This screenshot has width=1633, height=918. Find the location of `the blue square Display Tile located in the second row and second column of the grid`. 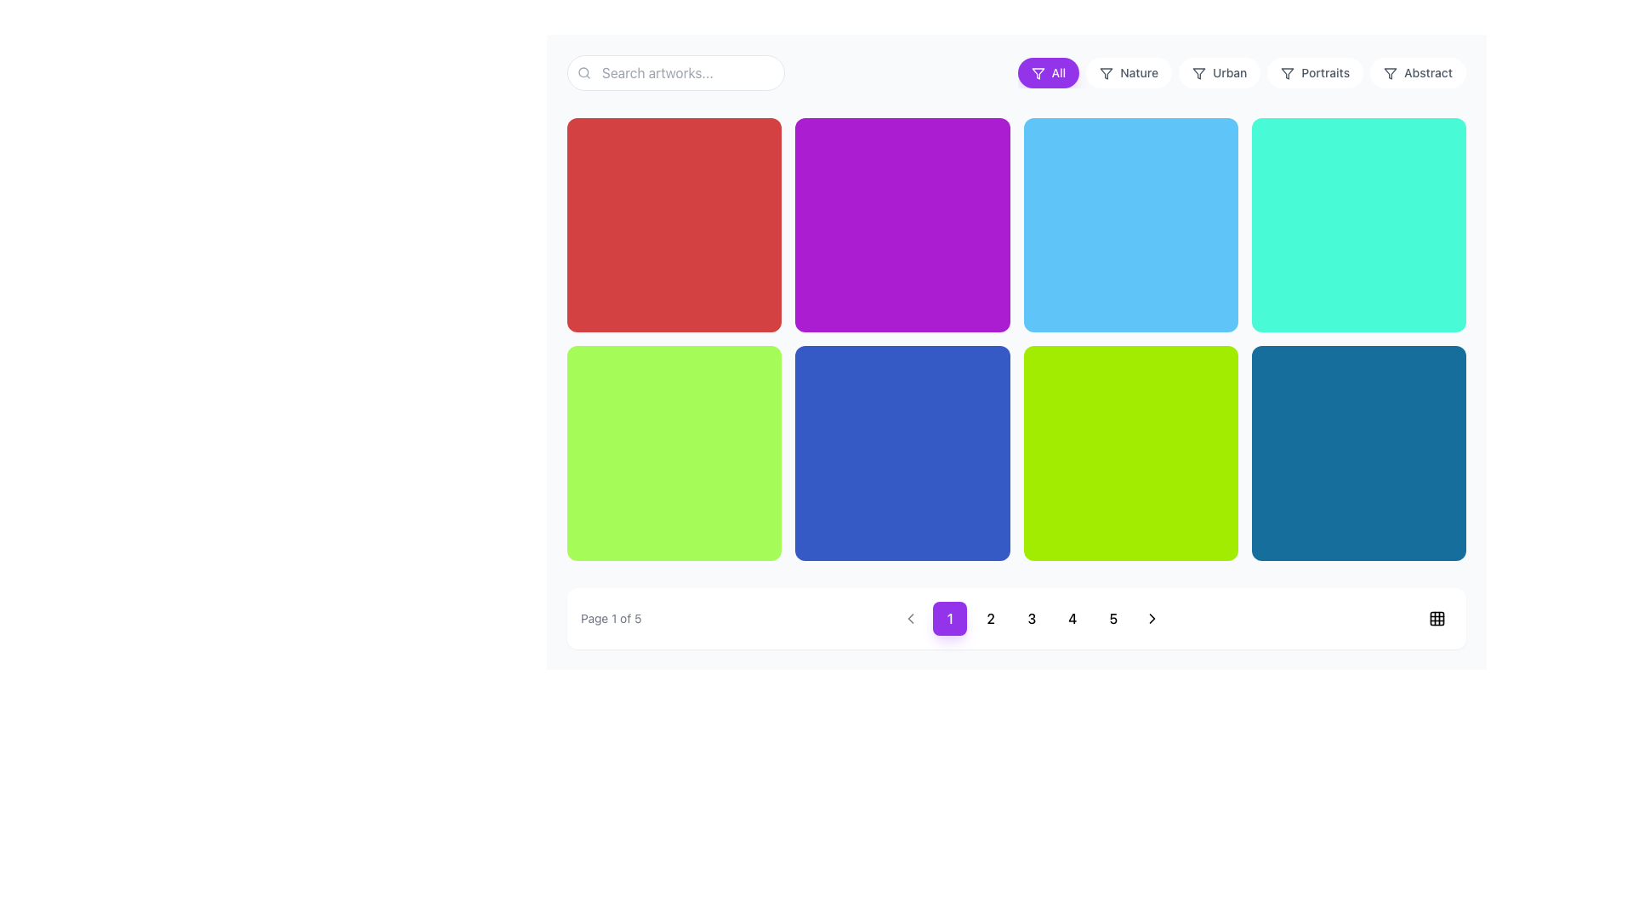

the blue square Display Tile located in the second row and second column of the grid is located at coordinates (902, 452).